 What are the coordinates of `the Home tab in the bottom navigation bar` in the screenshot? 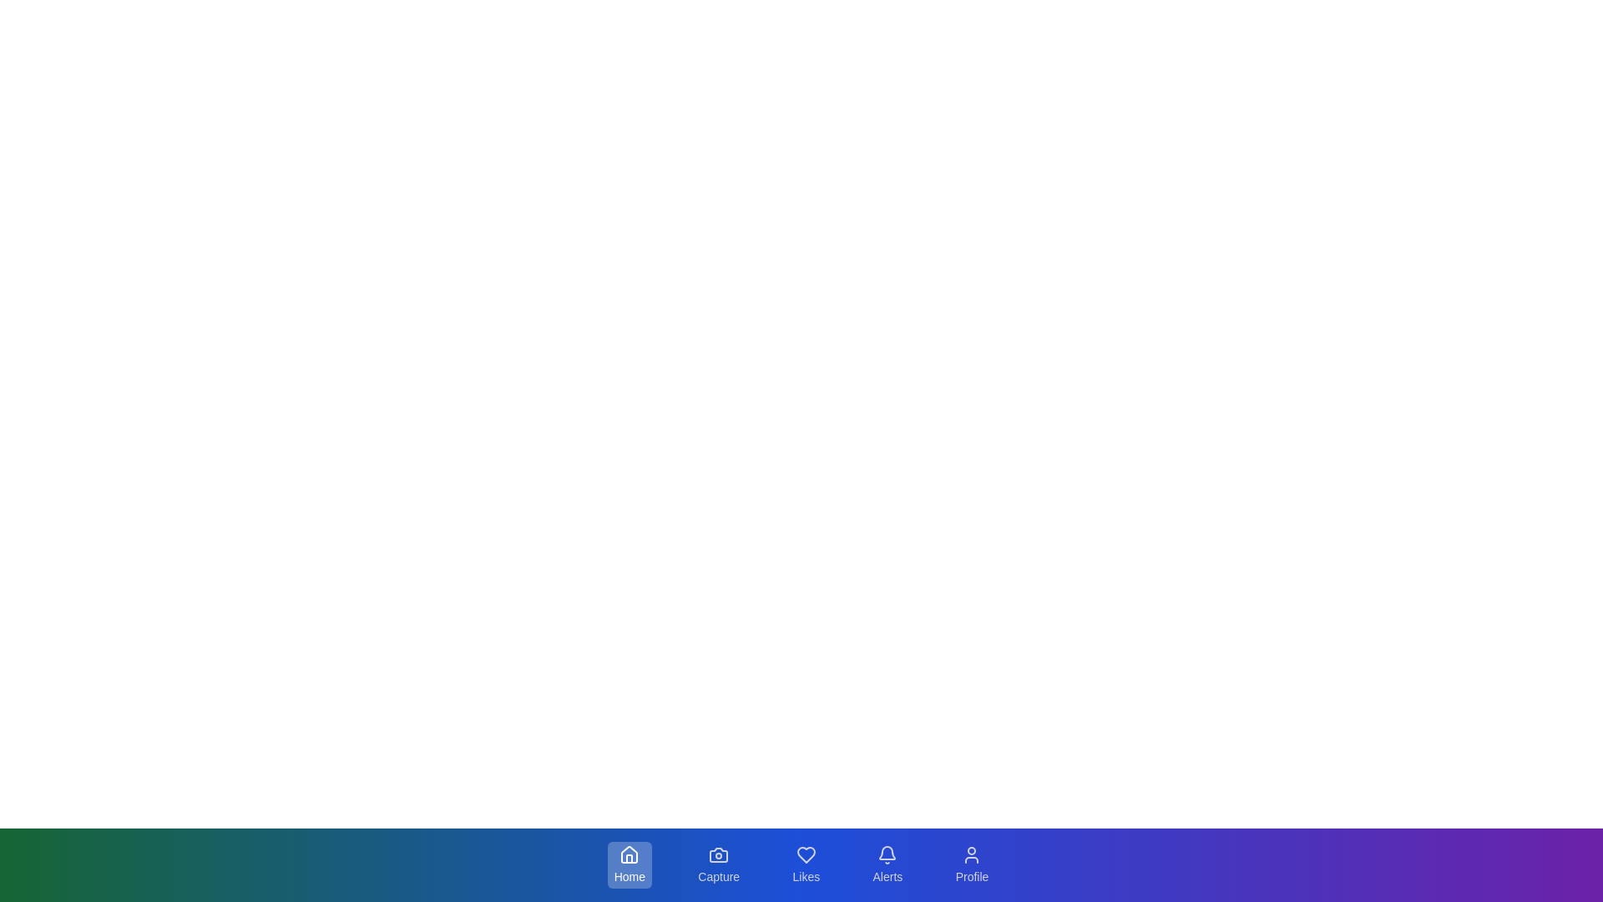 It's located at (628, 864).